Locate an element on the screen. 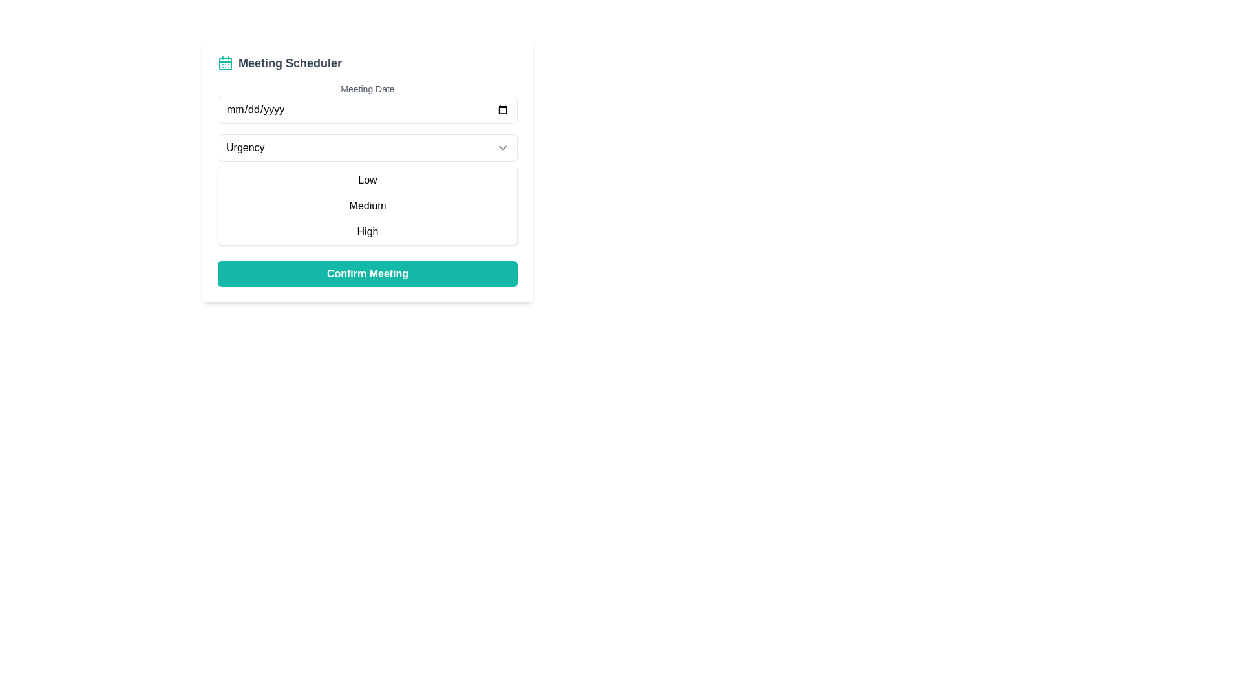  the 'Low' urgency option in the selectable list item located directly below the 'Urgency' dropdown field is located at coordinates (367, 180).